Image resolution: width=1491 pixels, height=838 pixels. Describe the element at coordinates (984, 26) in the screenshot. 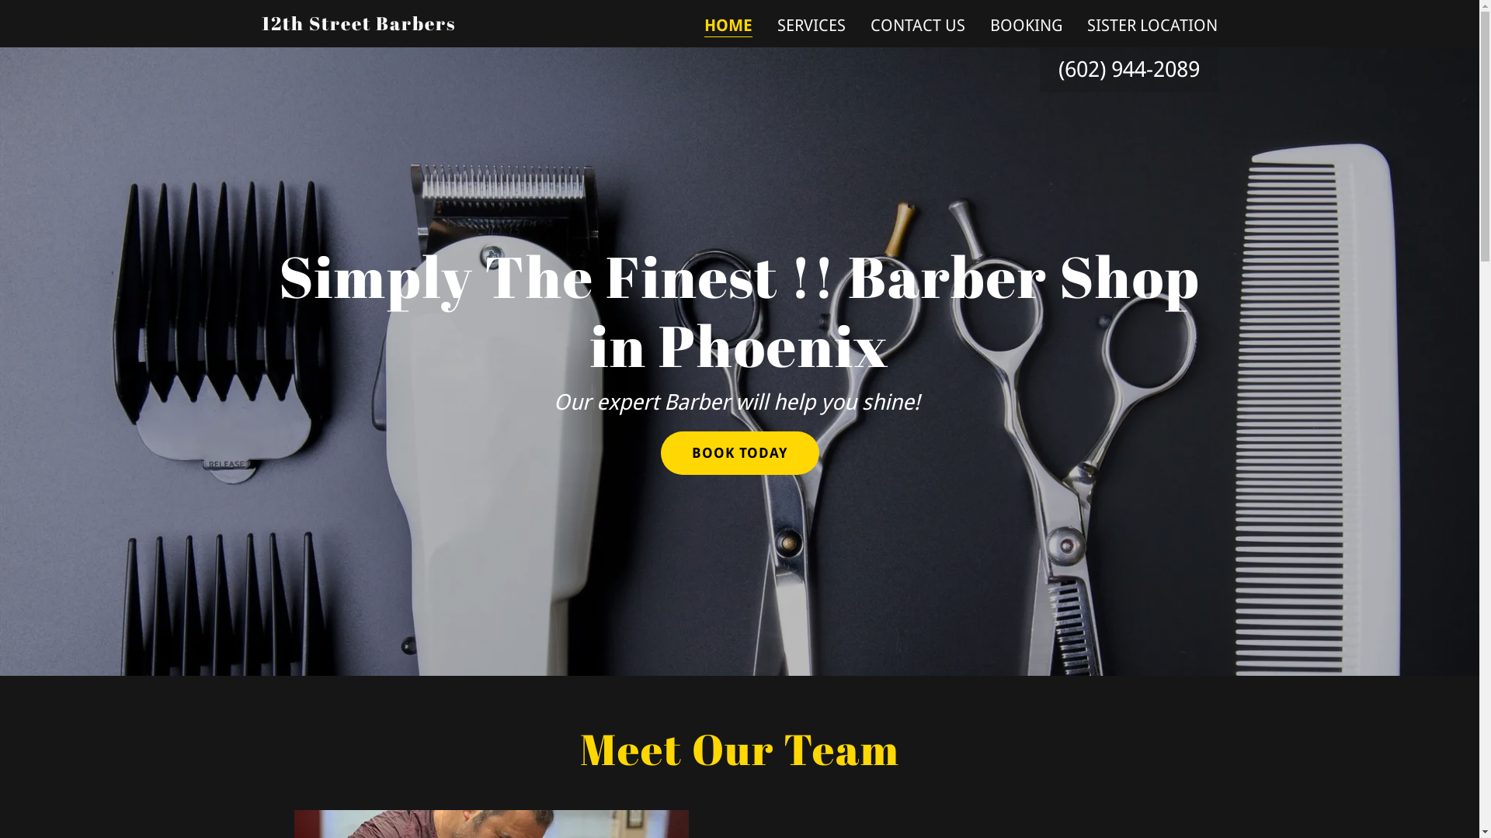

I see `'BOOKING'` at that location.